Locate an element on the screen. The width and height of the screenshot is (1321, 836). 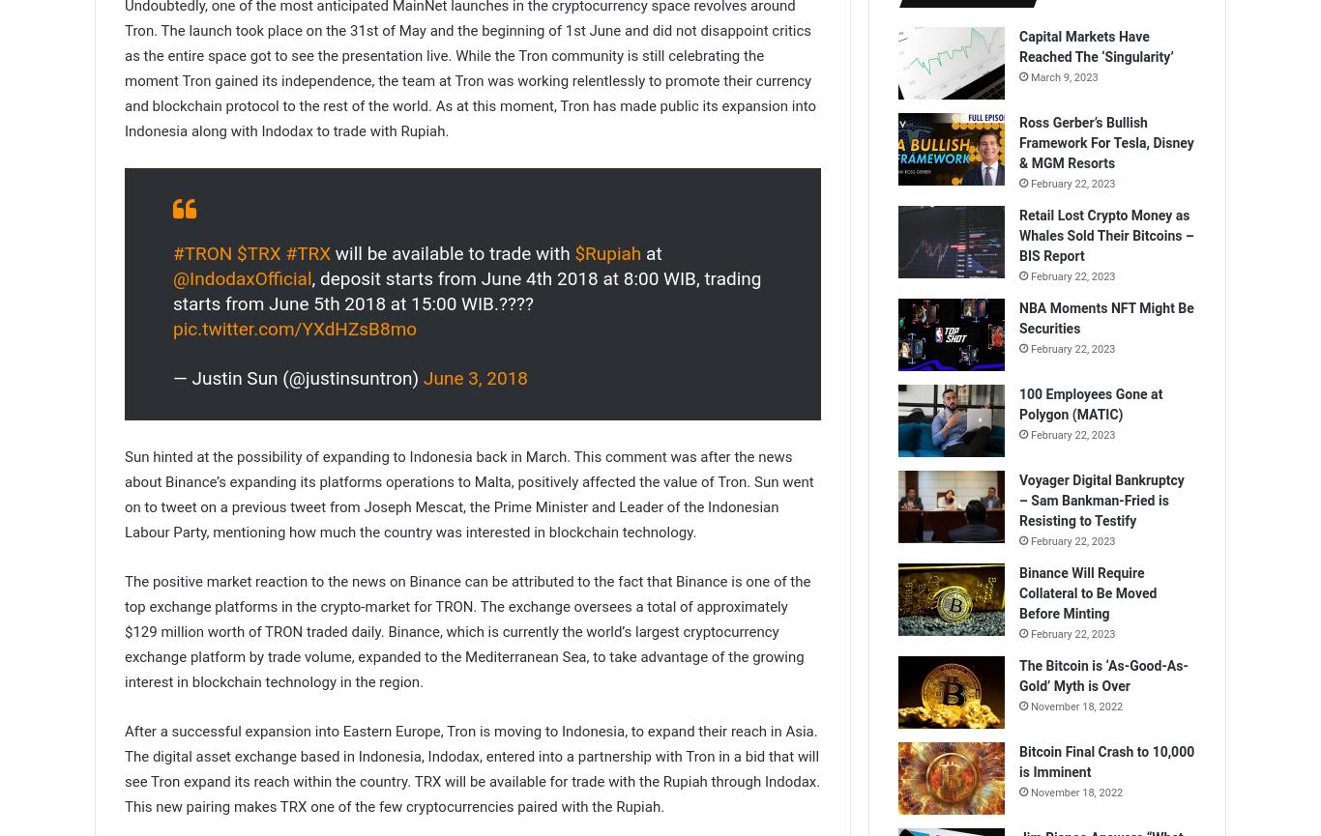
'$TRX' is located at coordinates (258, 251).